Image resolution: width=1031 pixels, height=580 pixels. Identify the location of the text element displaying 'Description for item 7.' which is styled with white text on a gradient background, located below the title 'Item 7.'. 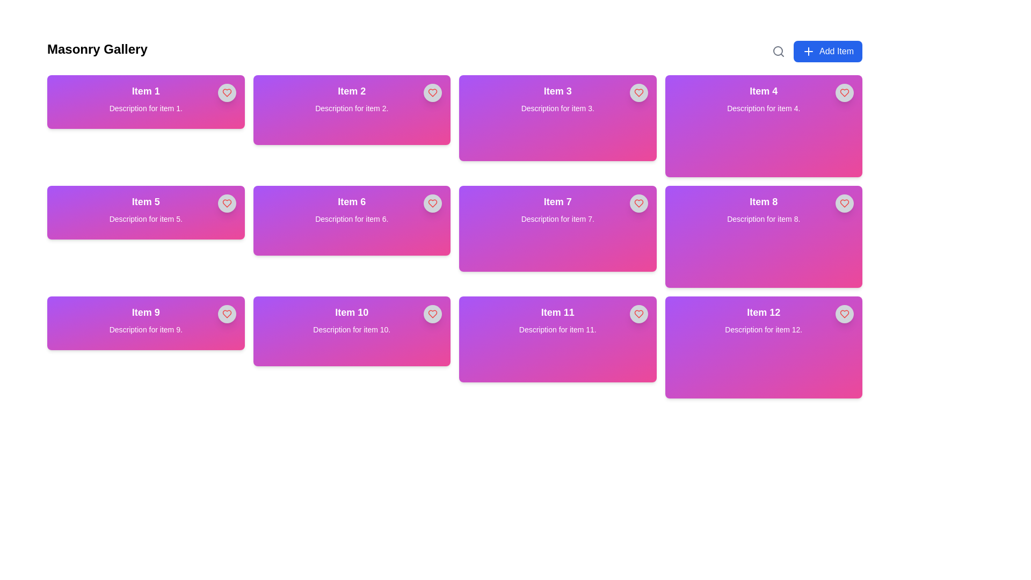
(557, 219).